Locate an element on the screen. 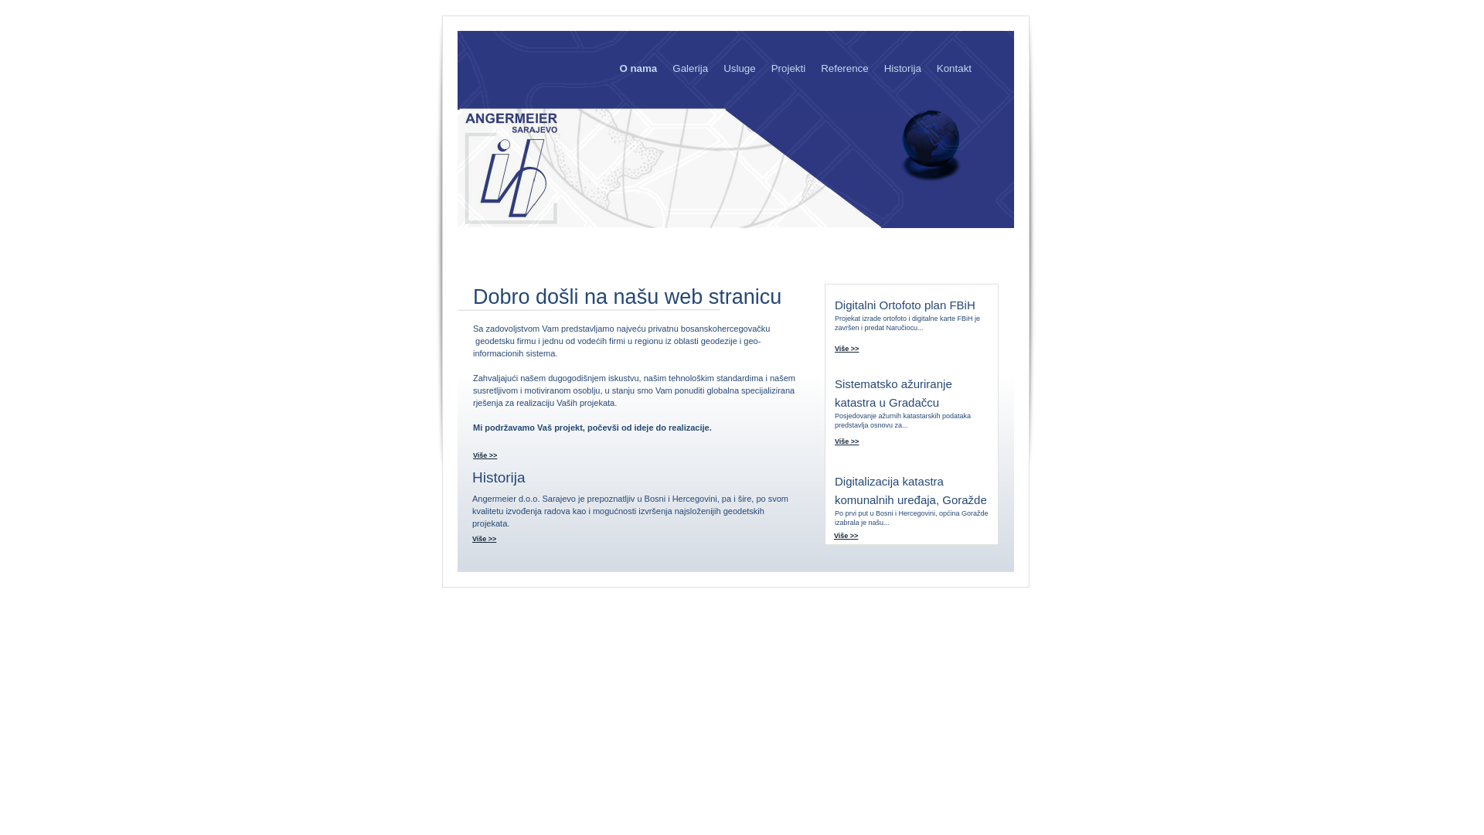  'O nama' is located at coordinates (638, 67).